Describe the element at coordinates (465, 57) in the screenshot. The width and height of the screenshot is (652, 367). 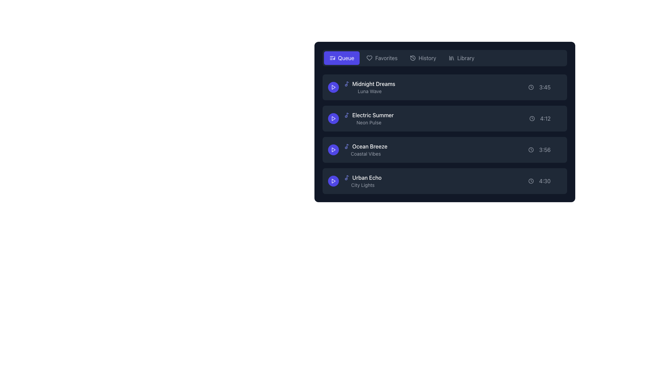
I see `the 'Library' text label in the top-right corner of the menu bar` at that location.